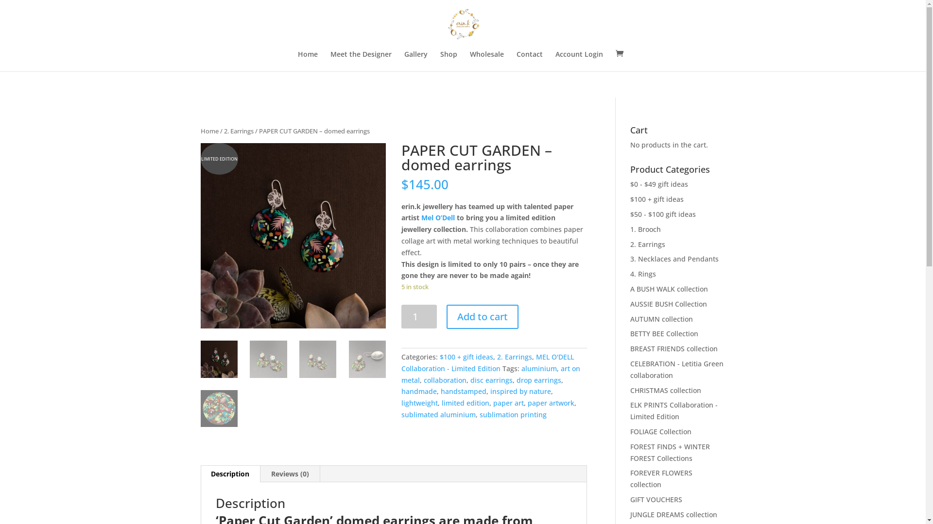  I want to click on 'Home', so click(208, 131).